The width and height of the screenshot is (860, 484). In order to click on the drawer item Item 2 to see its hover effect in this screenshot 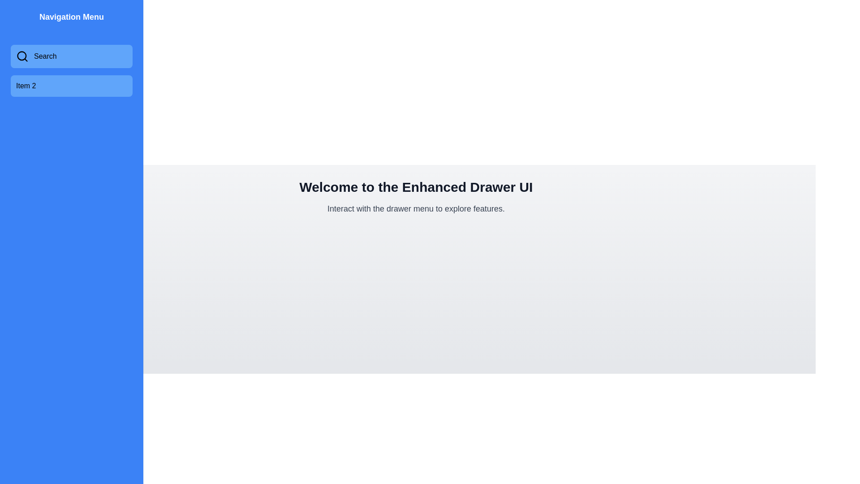, I will do `click(71, 86)`.